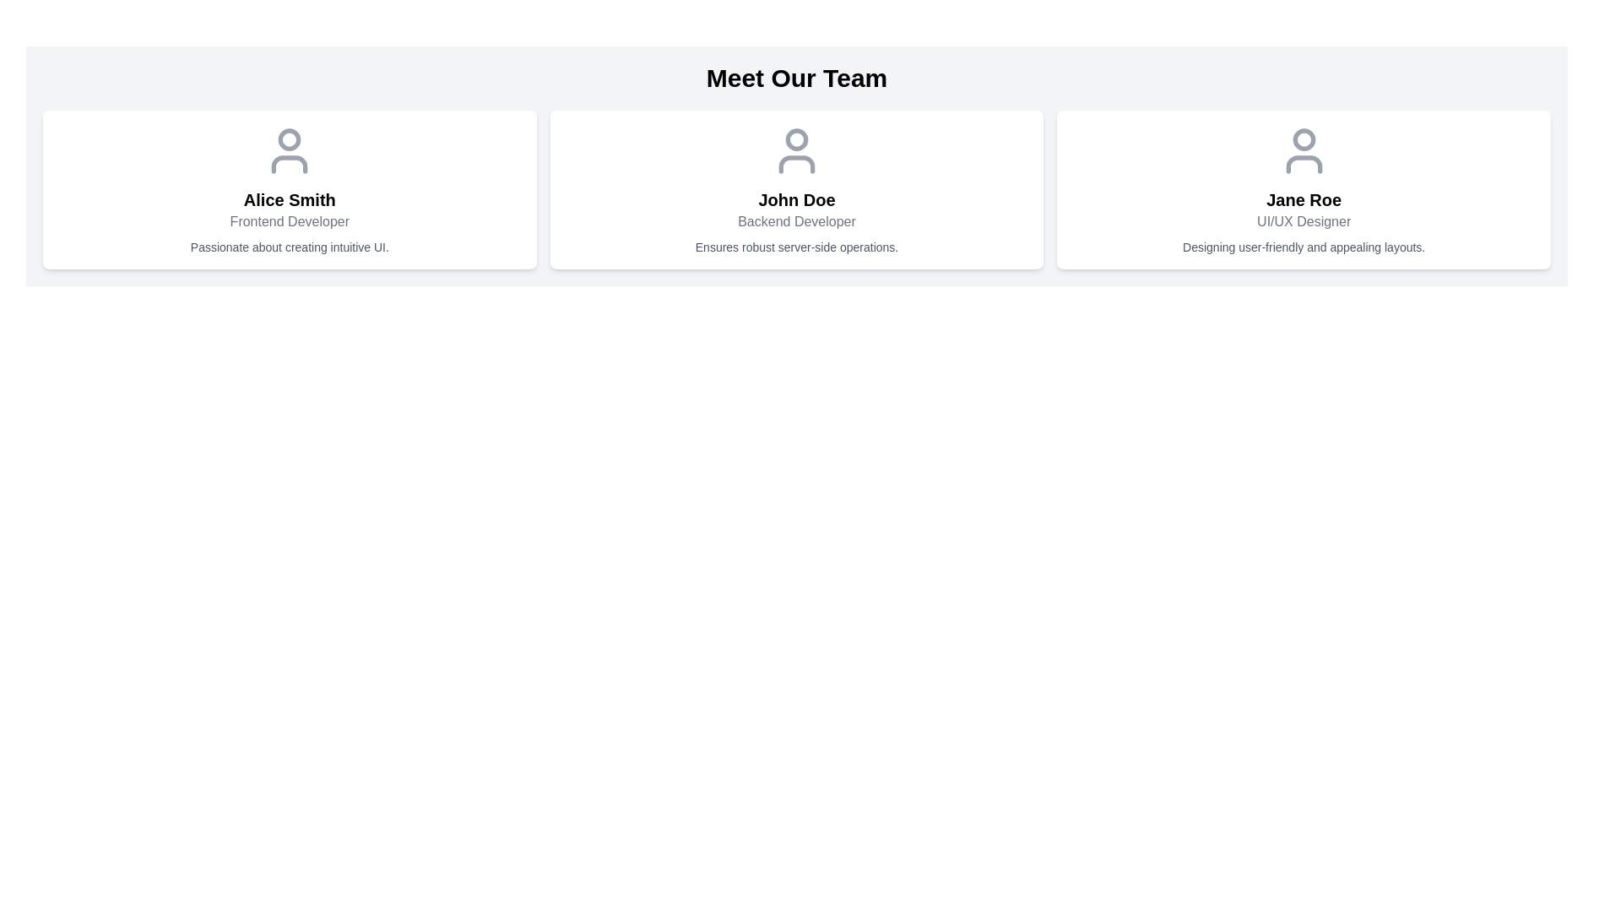  Describe the element at coordinates (290, 149) in the screenshot. I see `the decorative icon representing the profile of user Alice Smith, which is located at the center of the card above her name` at that location.